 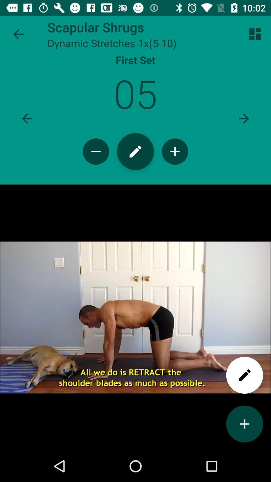 I want to click on previous arrow, so click(x=27, y=118).